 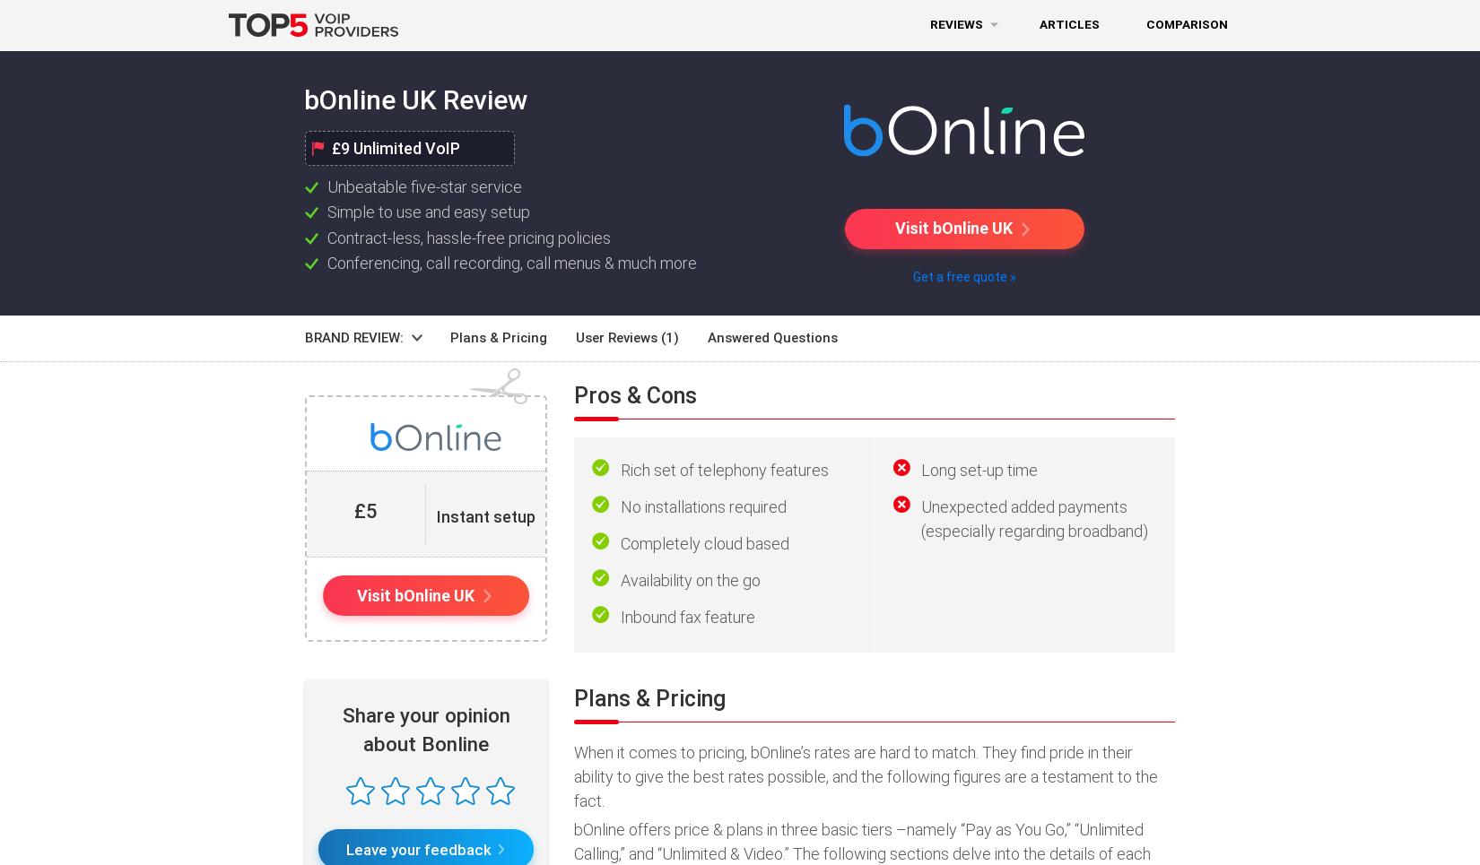 I want to click on 'Inbound fax feature', so click(x=686, y=616).